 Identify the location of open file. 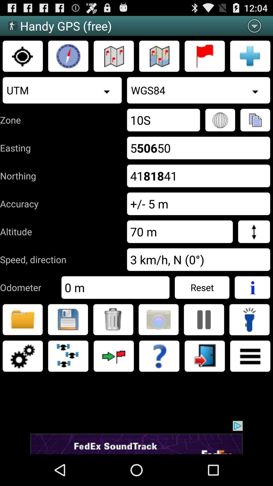
(22, 319).